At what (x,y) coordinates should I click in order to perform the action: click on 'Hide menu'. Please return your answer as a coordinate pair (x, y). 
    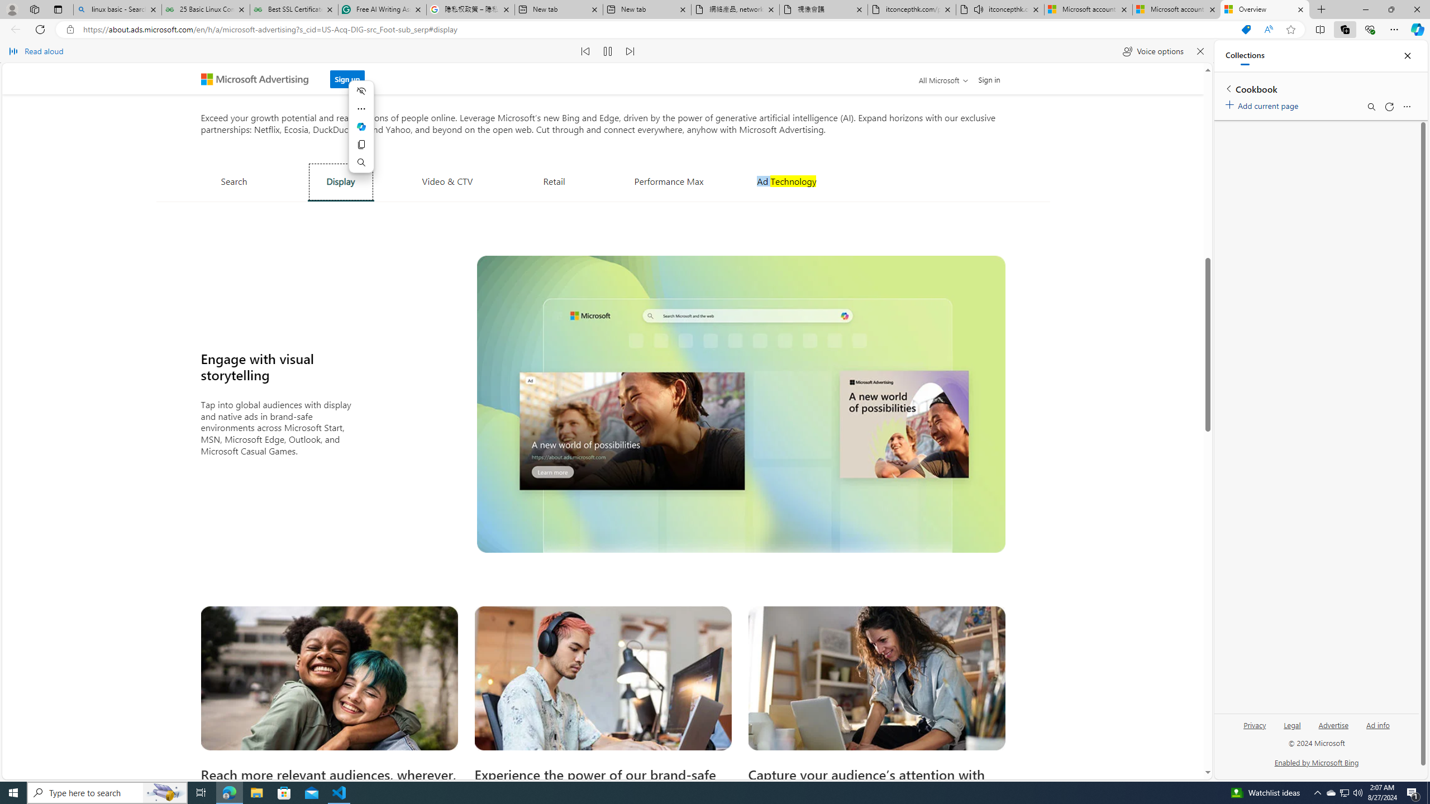
    Looking at the image, I should click on (360, 90).